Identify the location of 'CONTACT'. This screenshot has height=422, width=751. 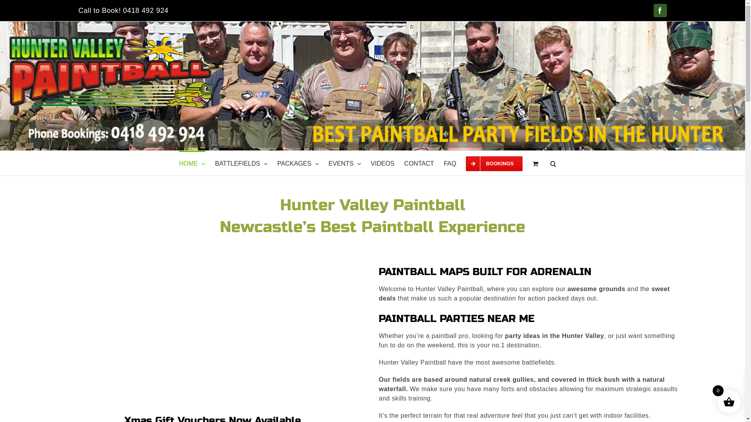
(418, 163).